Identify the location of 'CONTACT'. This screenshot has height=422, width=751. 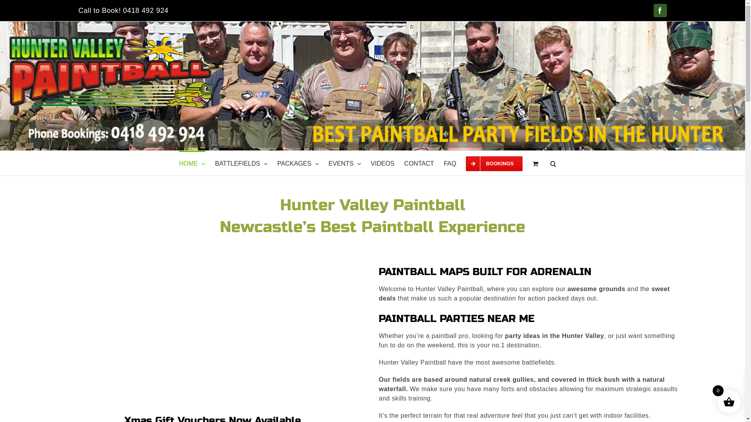
(418, 163).